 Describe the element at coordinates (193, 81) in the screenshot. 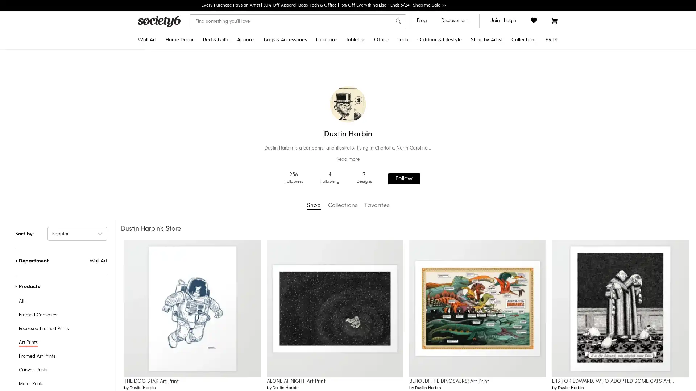

I see `Rectangular Pillows` at that location.